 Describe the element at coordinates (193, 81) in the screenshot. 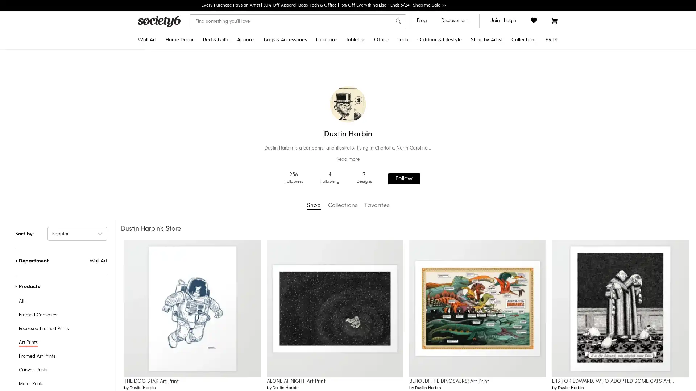

I see `Rectangular Pillows` at that location.